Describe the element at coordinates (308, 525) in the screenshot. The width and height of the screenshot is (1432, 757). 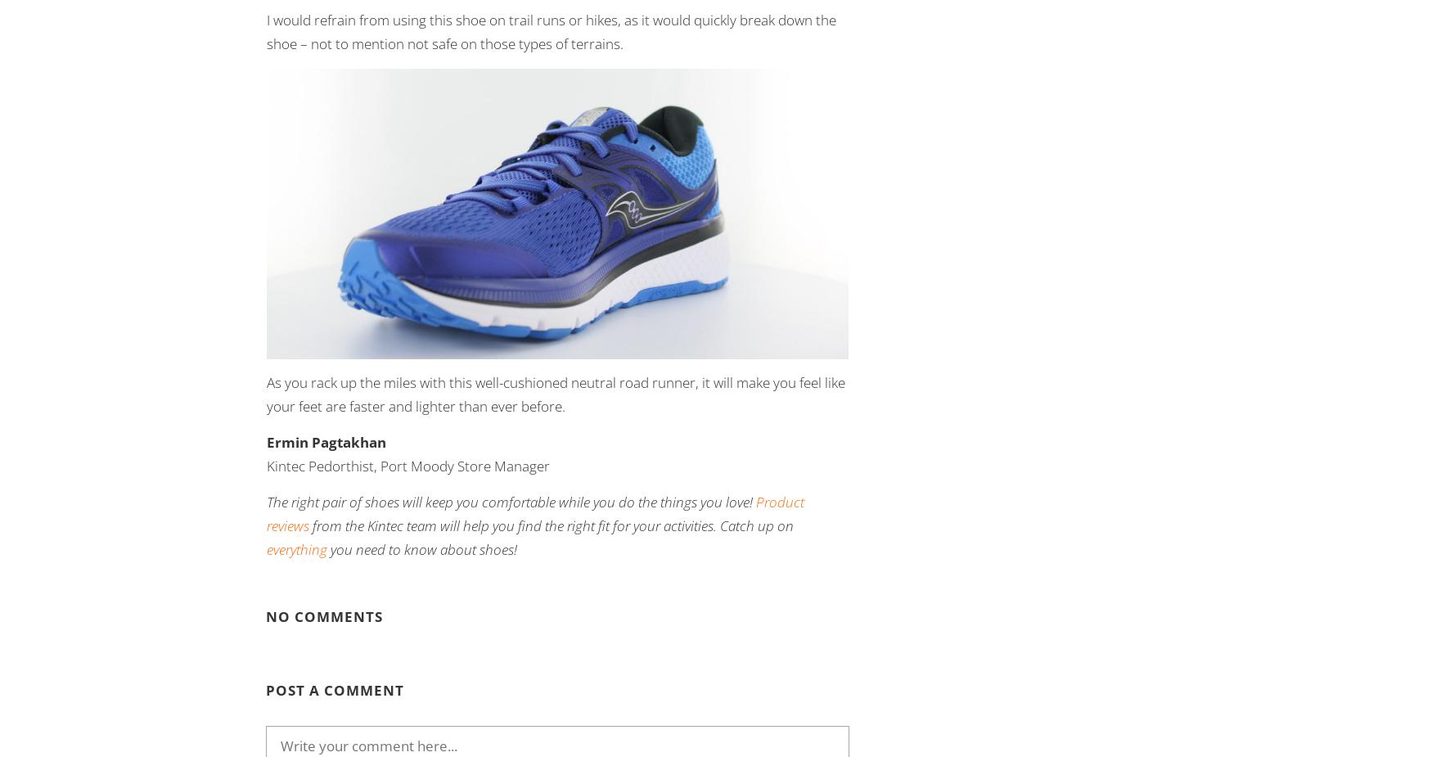
I see `'from the Kintec team will help you find the right fit for your activities. Catch up on'` at that location.